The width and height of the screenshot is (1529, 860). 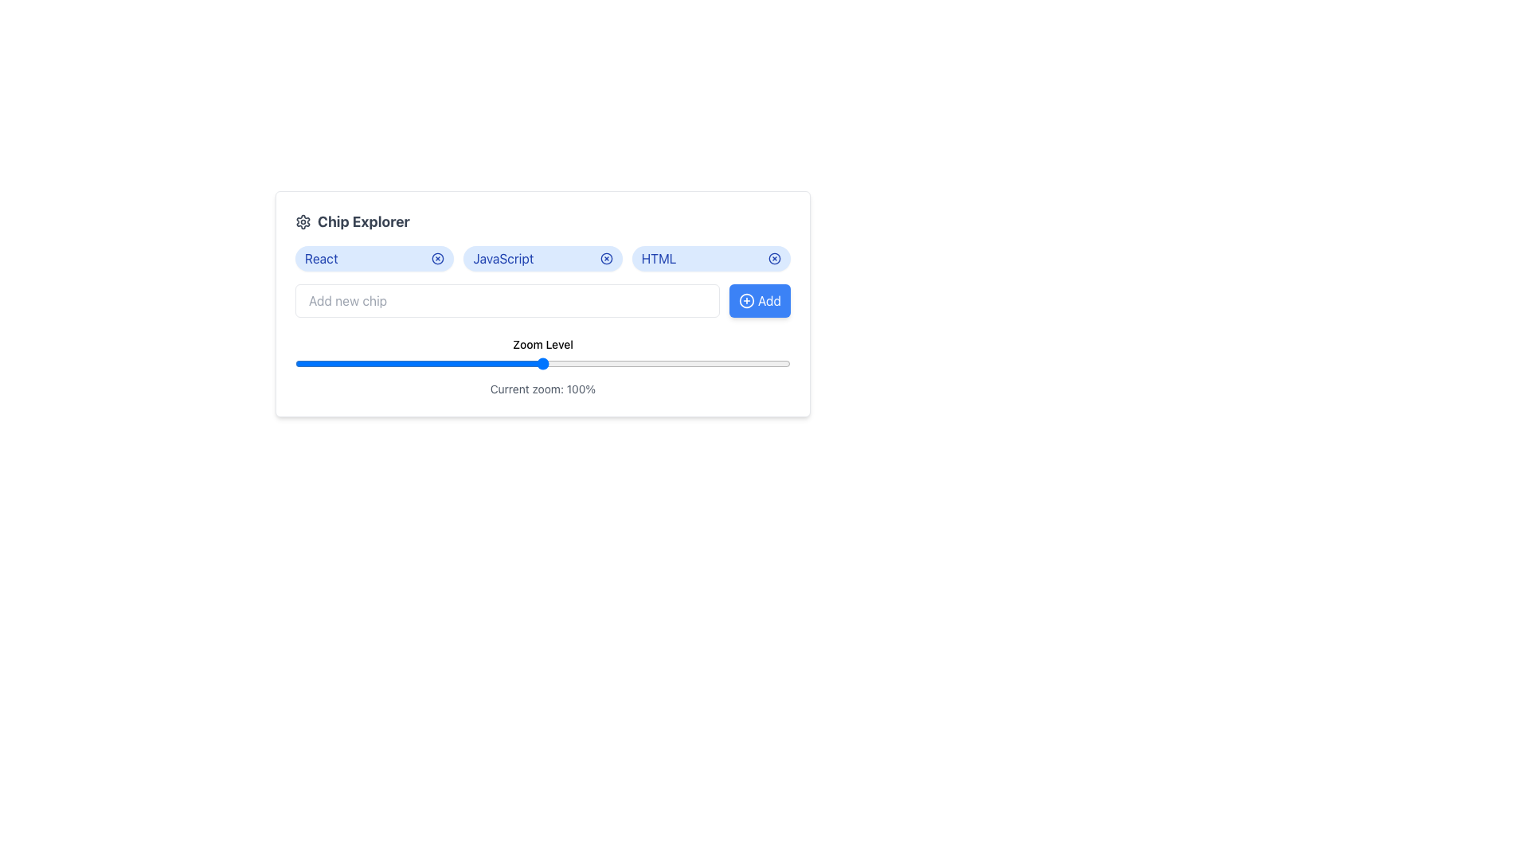 What do you see at coordinates (438, 257) in the screenshot?
I see `the decorative circular icon indicating an action or state associated with the 'JavaScript' chip located towards the center-right area of the interface` at bounding box center [438, 257].